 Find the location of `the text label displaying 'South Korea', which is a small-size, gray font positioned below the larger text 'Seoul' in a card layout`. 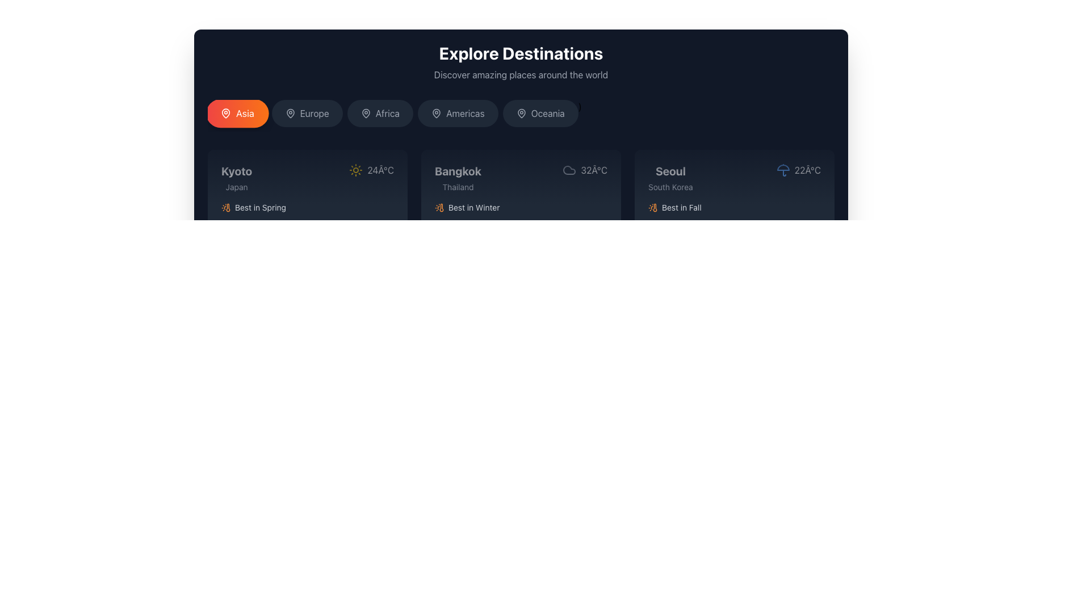

the text label displaying 'South Korea', which is a small-size, gray font positioned below the larger text 'Seoul' in a card layout is located at coordinates (670, 187).